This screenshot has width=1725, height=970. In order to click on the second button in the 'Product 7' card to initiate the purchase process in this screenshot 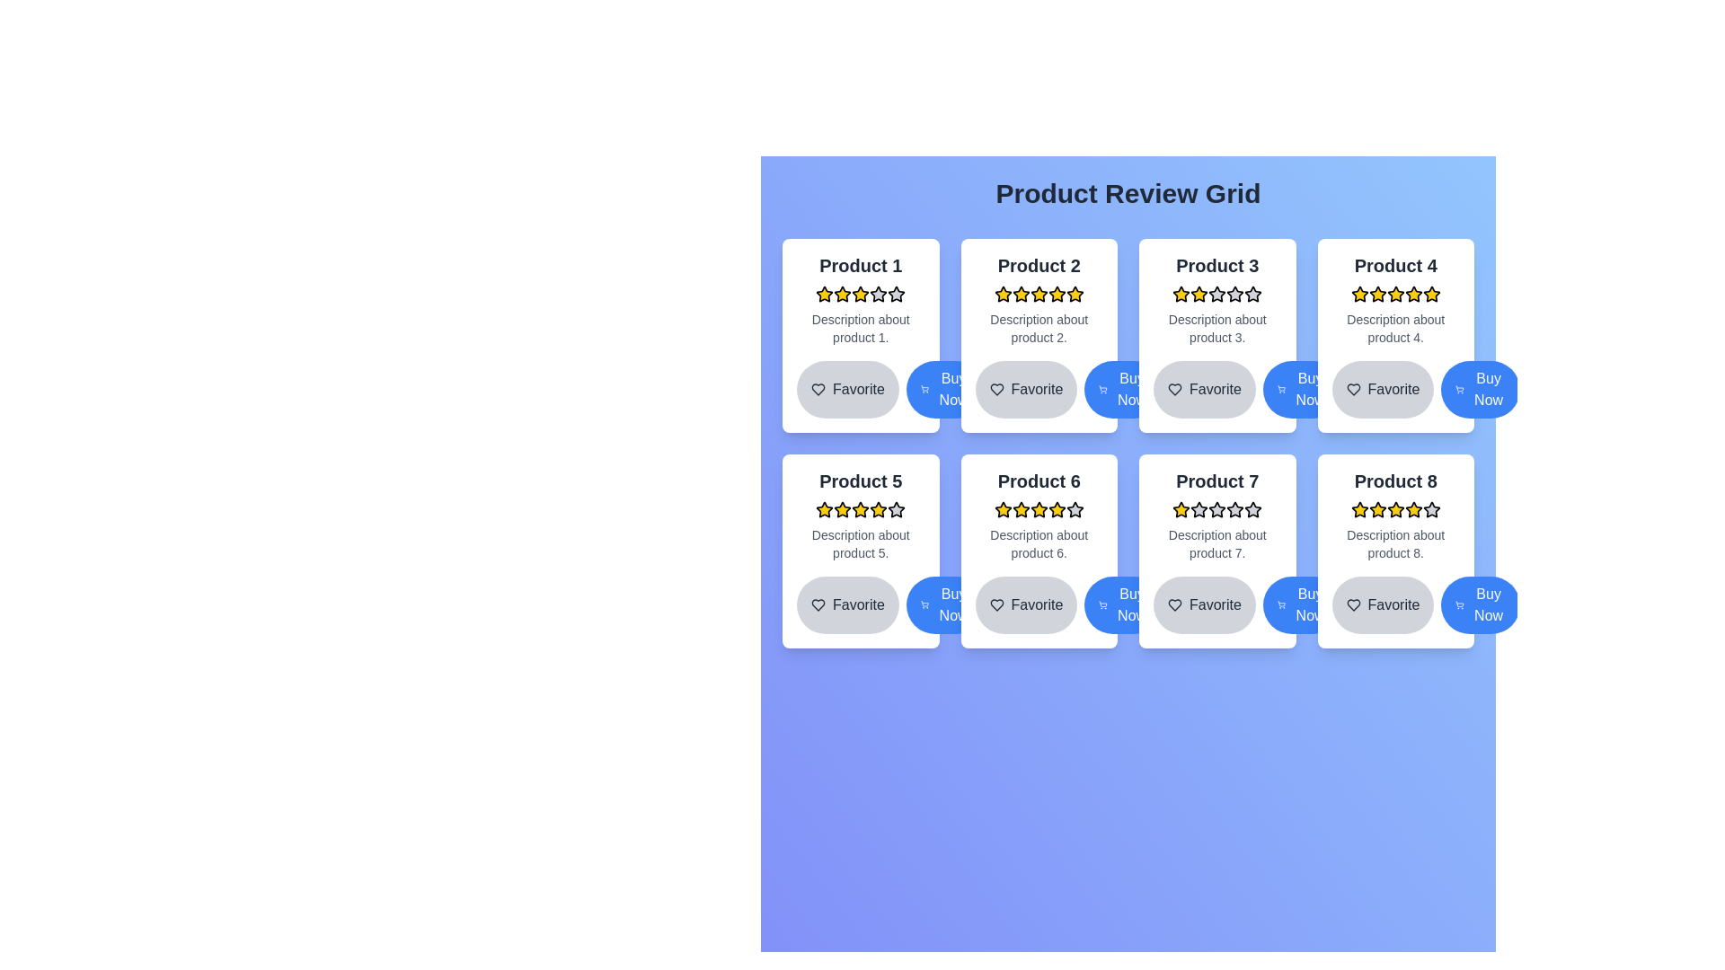, I will do `click(1123, 605)`.